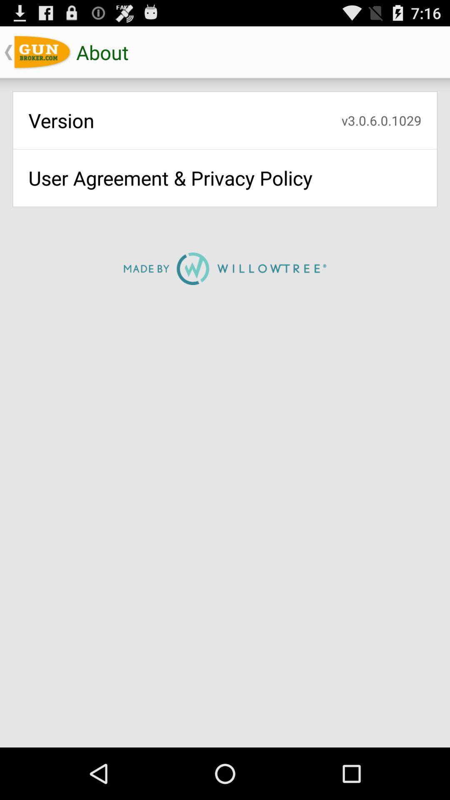  Describe the element at coordinates (225, 268) in the screenshot. I see `the icon at the center` at that location.